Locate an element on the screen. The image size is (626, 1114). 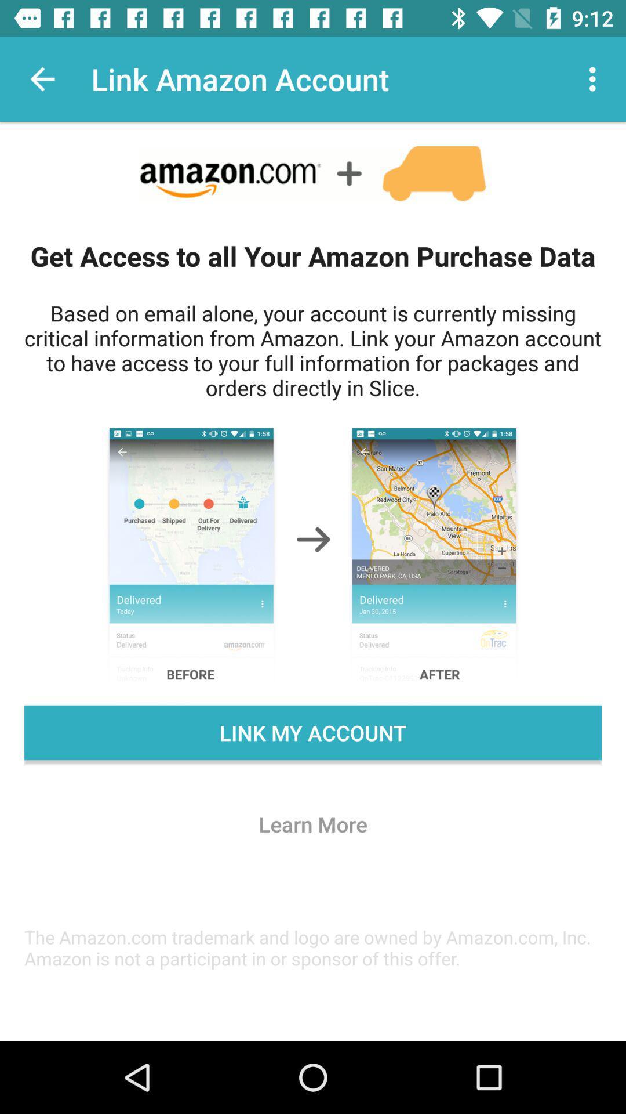
the app to the right of link amazon account item is located at coordinates (595, 78).